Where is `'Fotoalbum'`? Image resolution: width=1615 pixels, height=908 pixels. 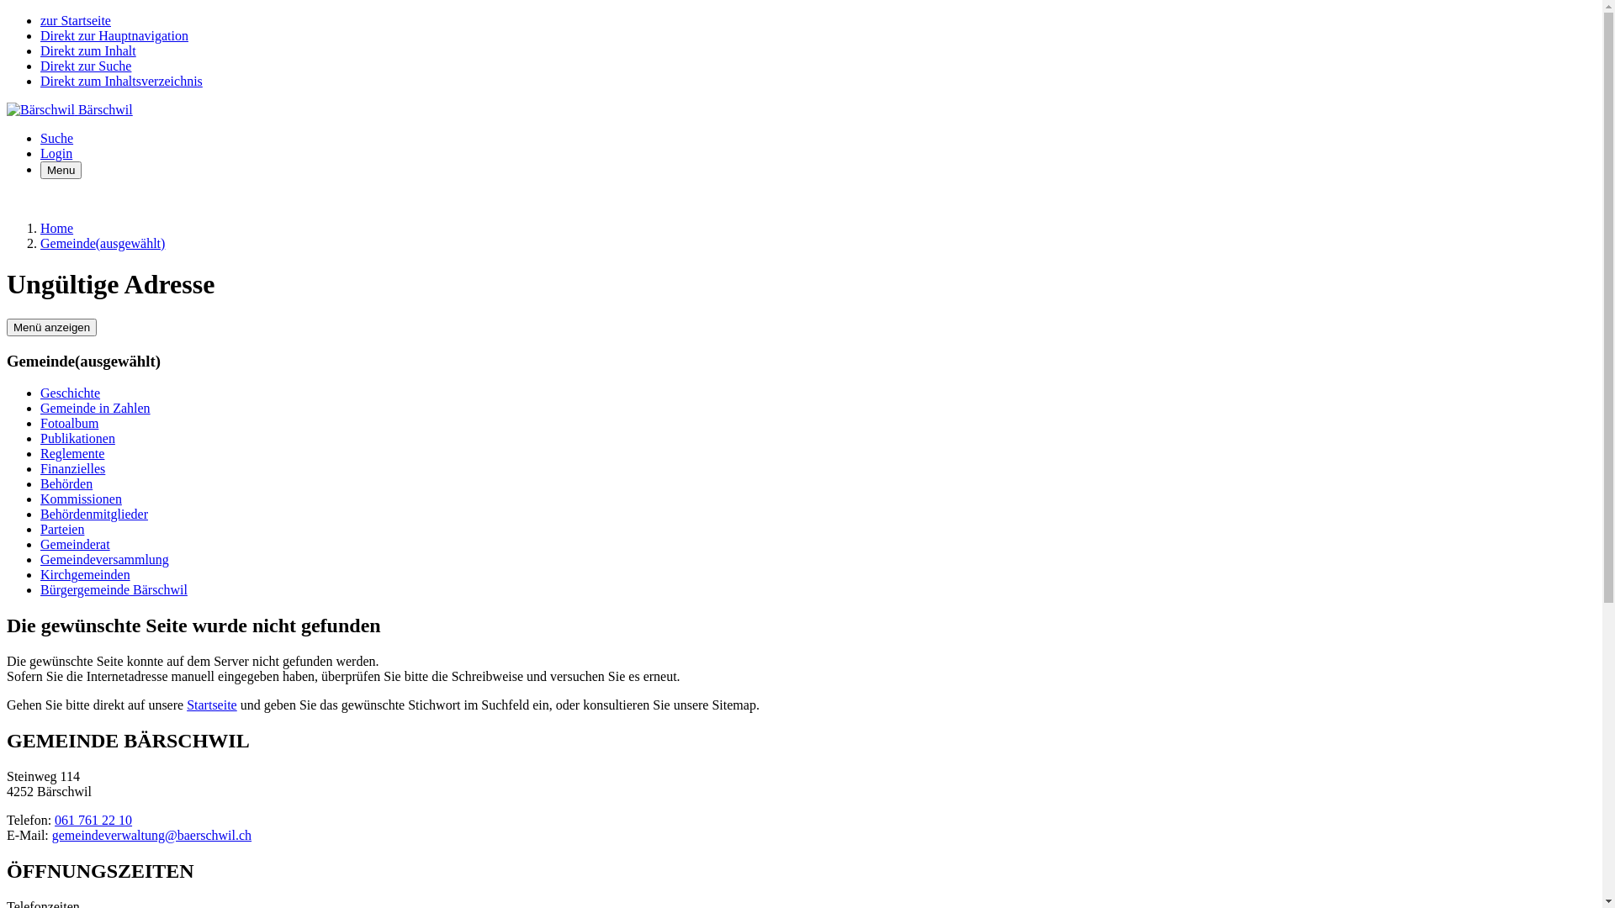 'Fotoalbum' is located at coordinates (68, 422).